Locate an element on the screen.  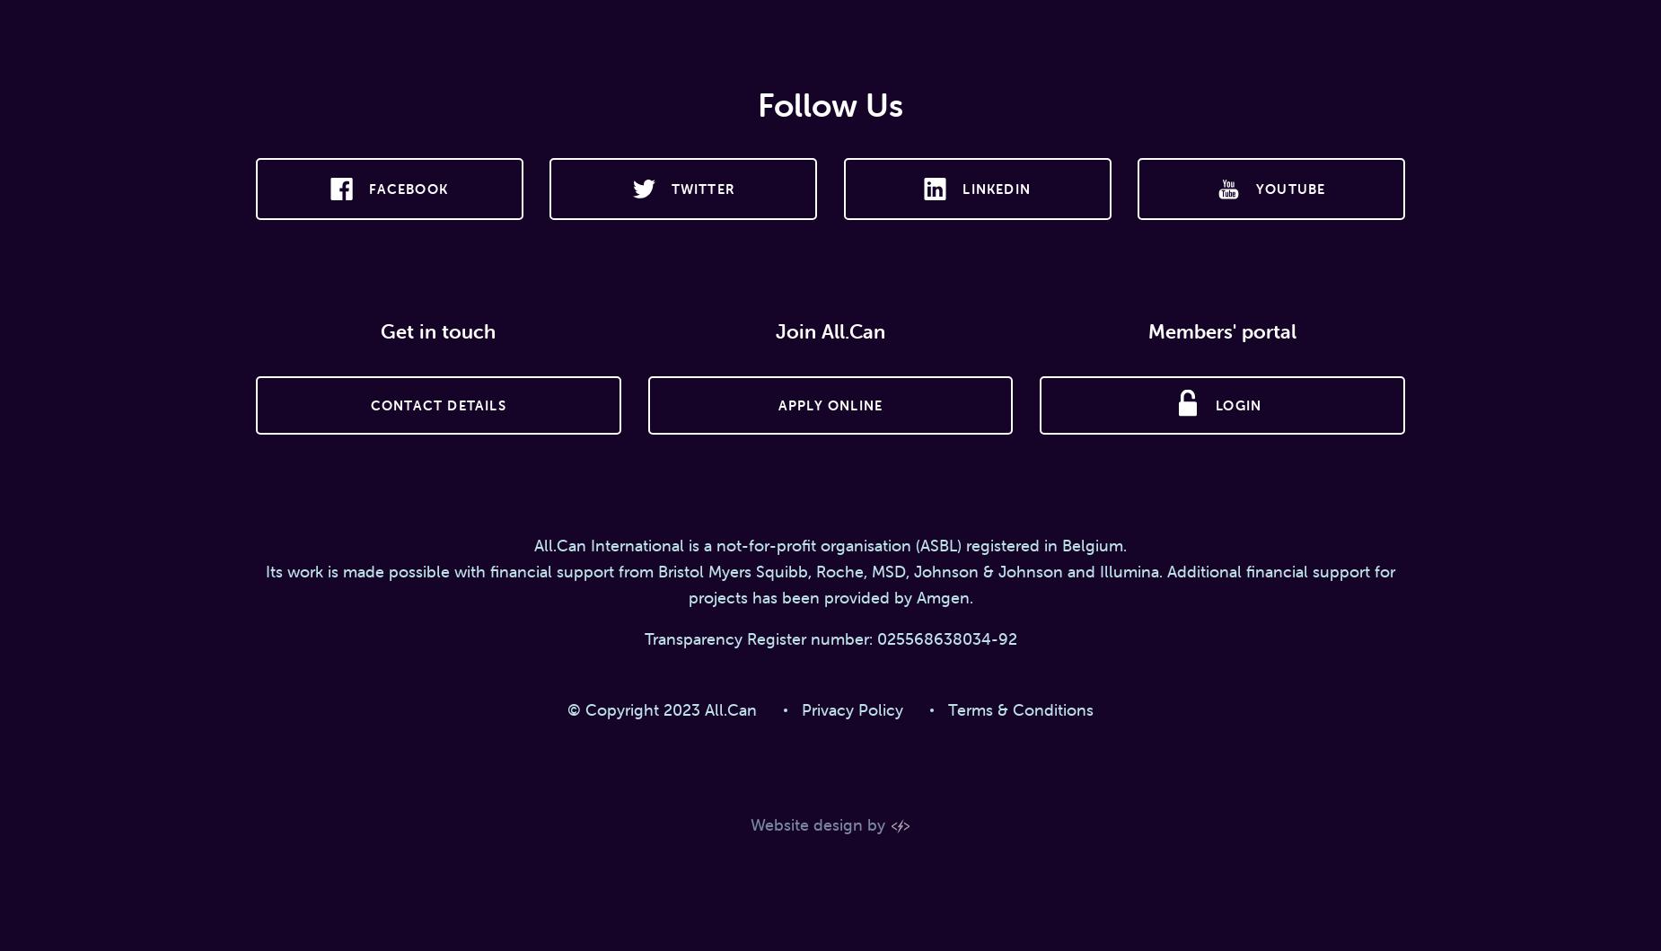
'APPLY ONLINE' is located at coordinates (777, 404).